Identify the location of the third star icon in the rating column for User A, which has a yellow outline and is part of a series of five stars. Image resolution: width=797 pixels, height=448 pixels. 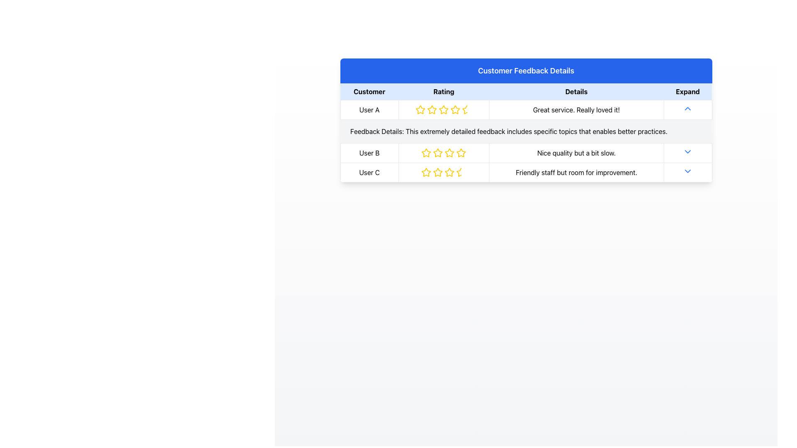
(443, 110).